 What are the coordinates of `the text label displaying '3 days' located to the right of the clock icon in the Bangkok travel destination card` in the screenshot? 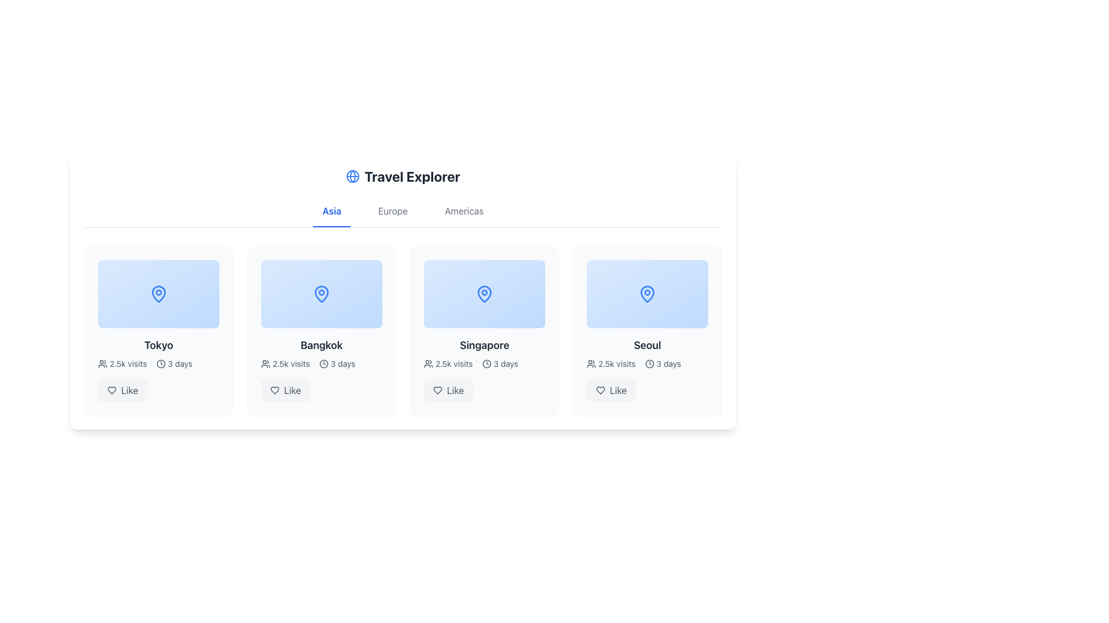 It's located at (342, 364).